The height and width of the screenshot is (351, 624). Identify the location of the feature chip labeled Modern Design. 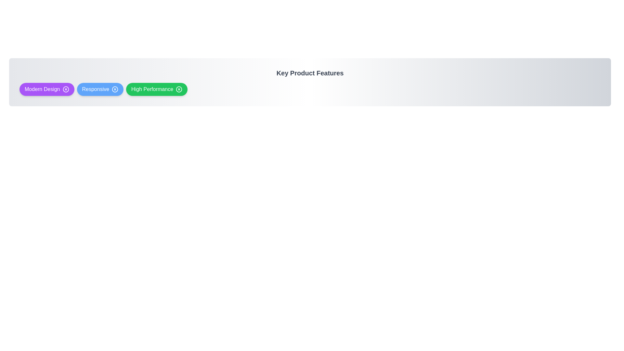
(46, 89).